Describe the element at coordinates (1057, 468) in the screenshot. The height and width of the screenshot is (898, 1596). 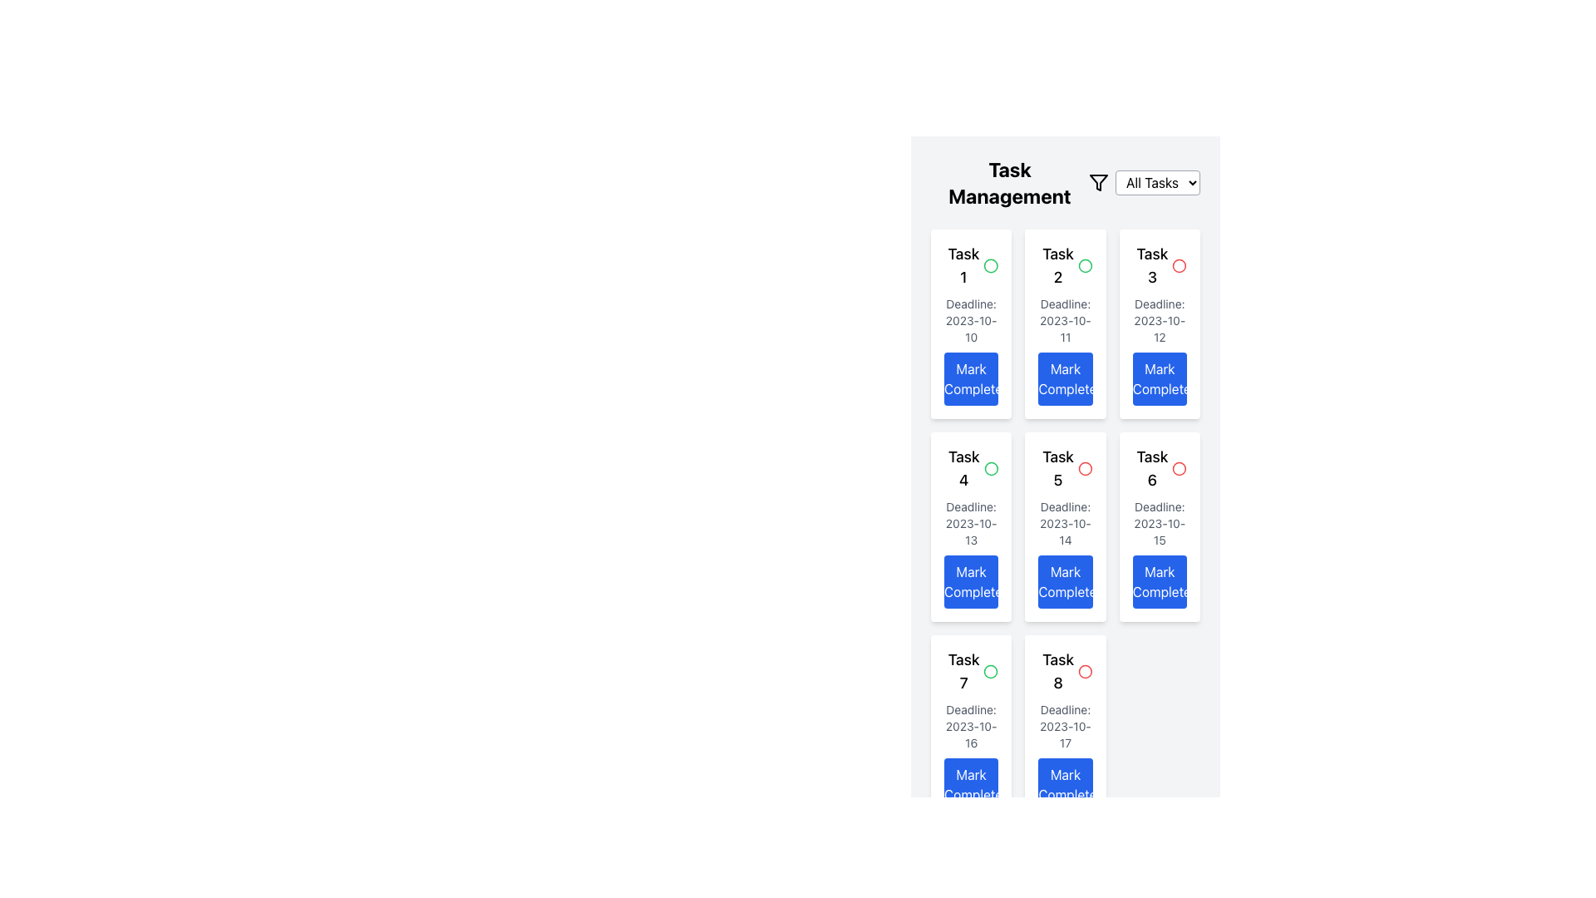
I see `the static text label displaying 'Task 5', which is styled in bold and larger font, indicating it is a key identifier of a task` at that location.